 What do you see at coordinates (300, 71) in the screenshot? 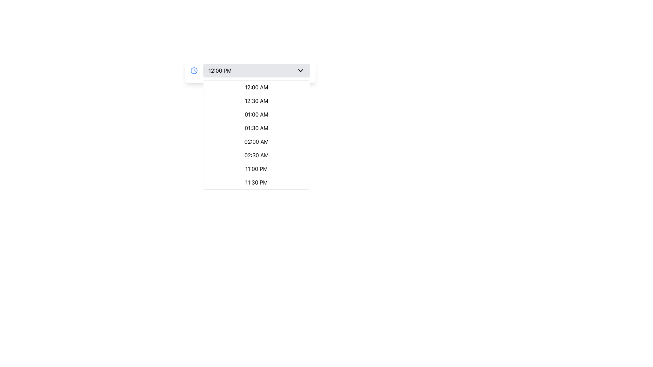
I see `the downward-pointing triangular chevron icon adjacent to the text '12:00 PM'` at bounding box center [300, 71].